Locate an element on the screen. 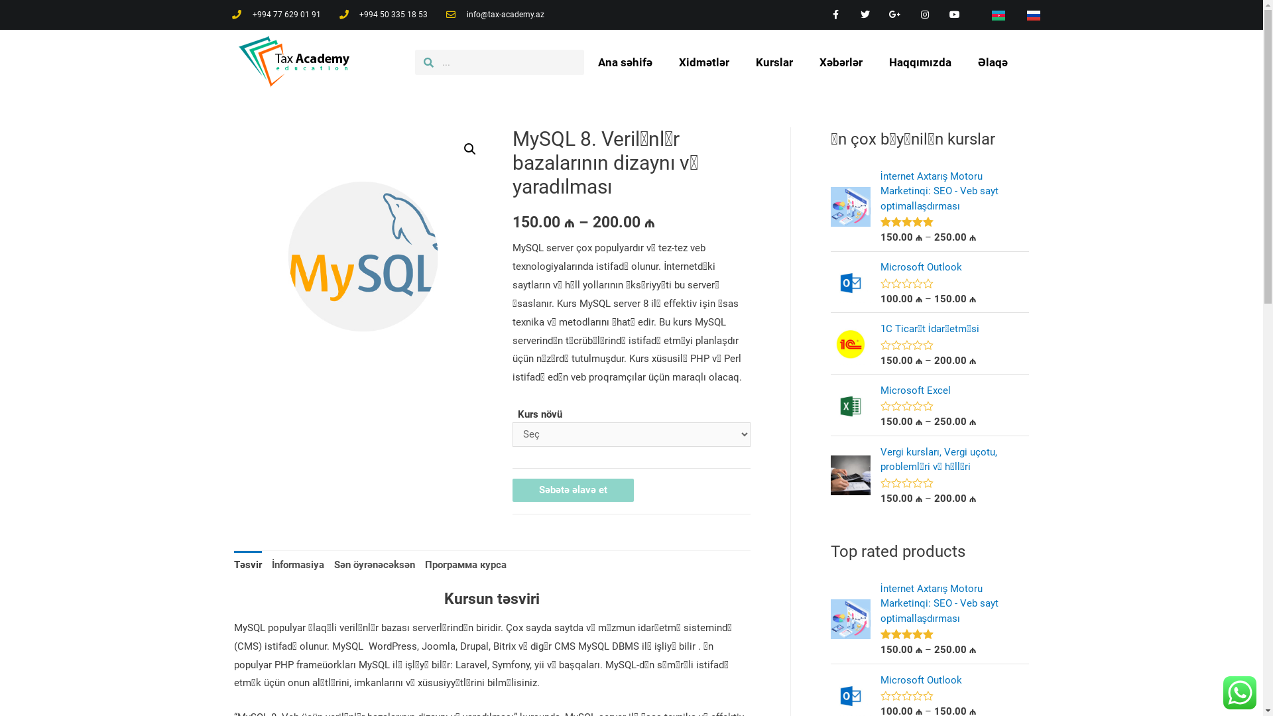 The width and height of the screenshot is (1273, 716). 'Microsoft Outlook' is located at coordinates (955, 267).